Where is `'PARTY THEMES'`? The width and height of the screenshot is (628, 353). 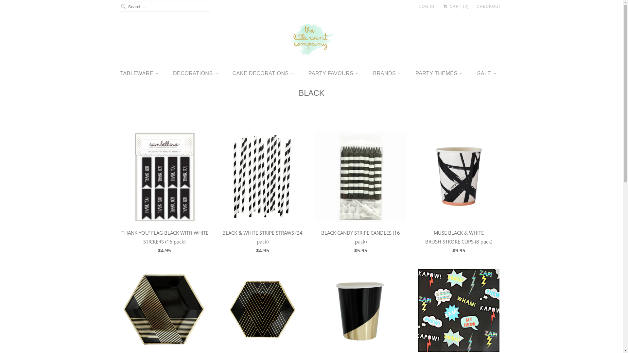
'PARTY THEMES' is located at coordinates (415, 74).